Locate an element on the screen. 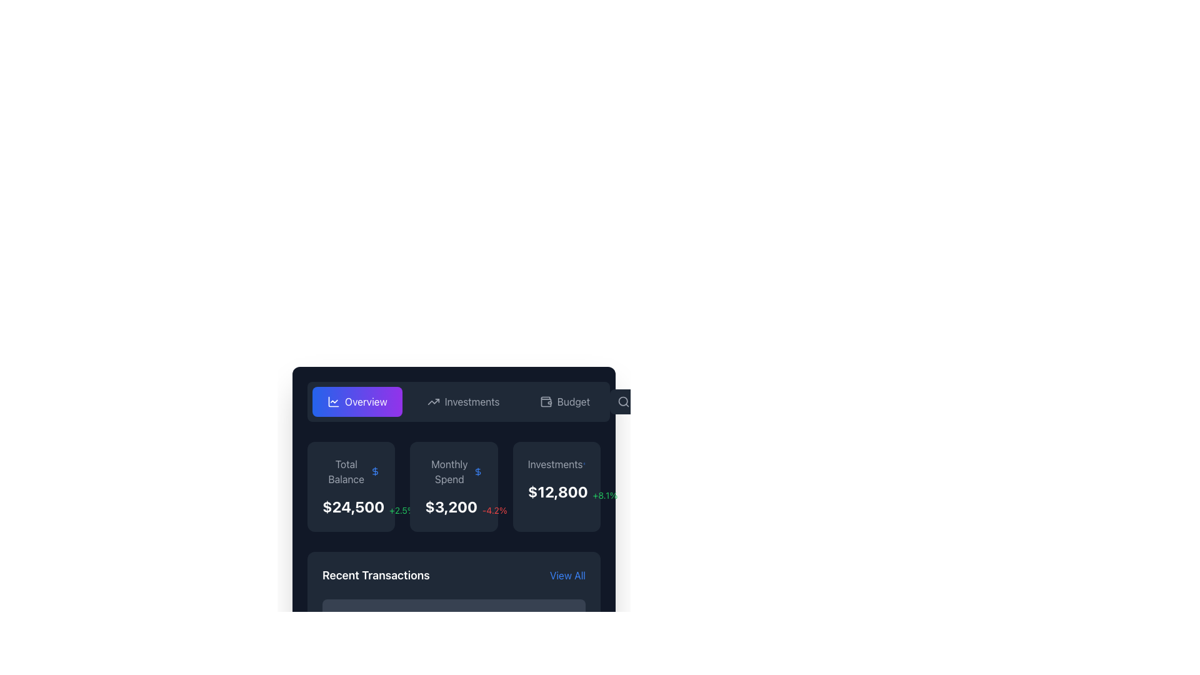  information displayed in the 'Investments' text label, which is in light gray font within a dark-themed card interface is located at coordinates (556, 464).